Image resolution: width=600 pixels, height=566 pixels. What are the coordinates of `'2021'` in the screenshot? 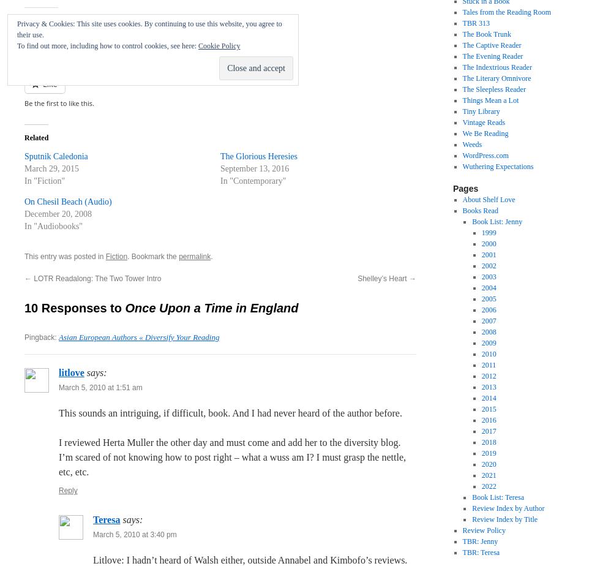 It's located at (489, 475).